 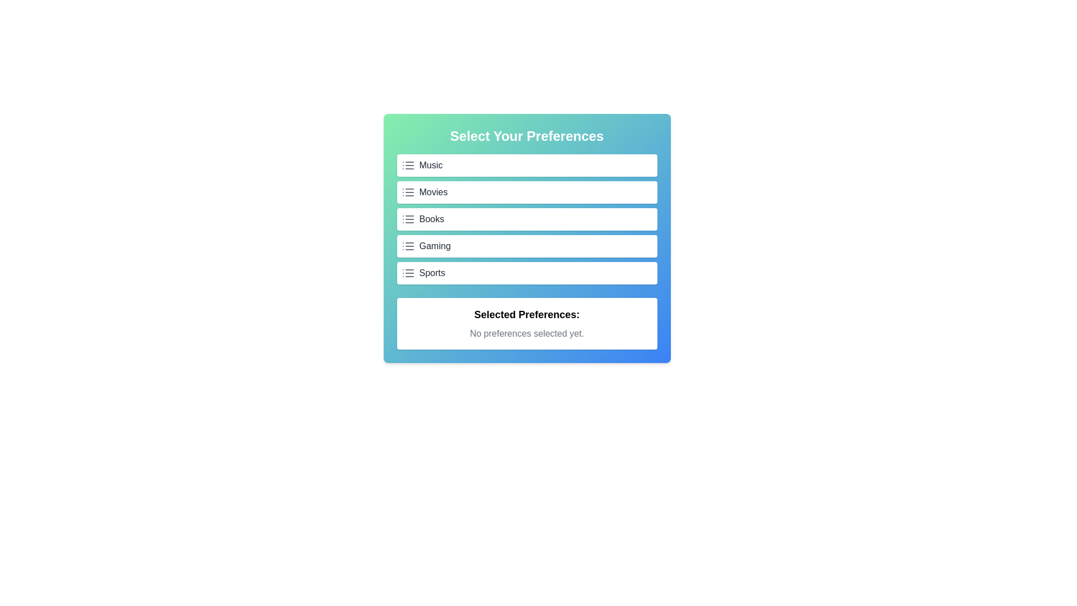 I want to click on the first button in the list labeled 'Music', so click(x=526, y=165).